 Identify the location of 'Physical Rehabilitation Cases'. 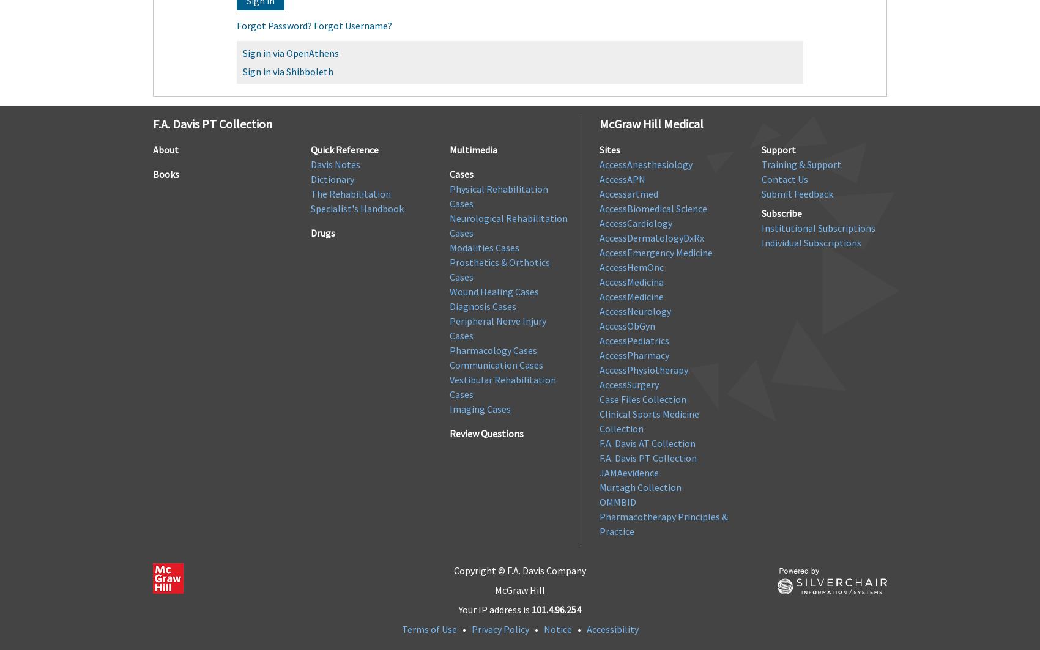
(450, 195).